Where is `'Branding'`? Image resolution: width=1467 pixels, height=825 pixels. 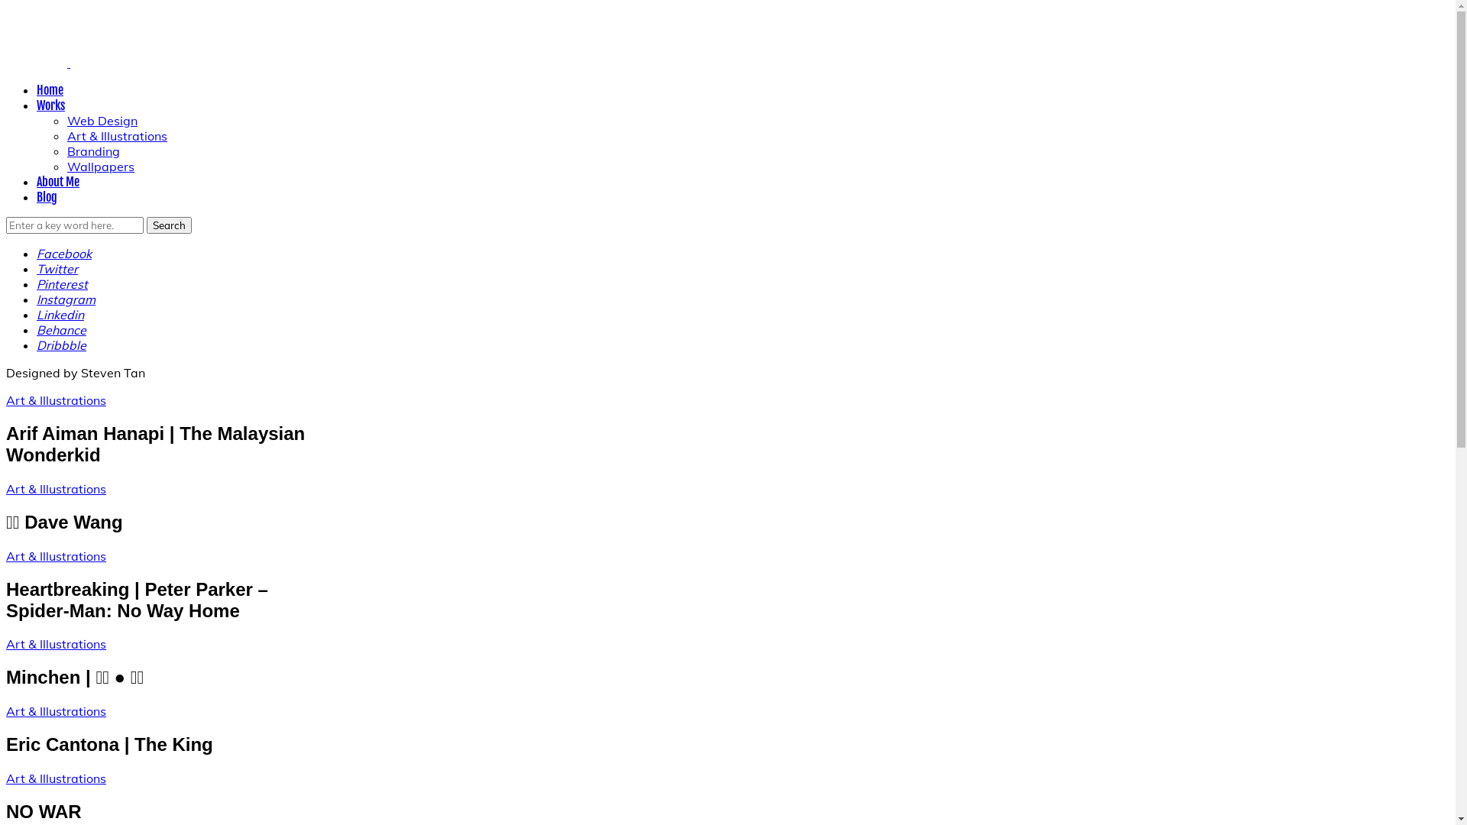
'Branding' is located at coordinates (92, 150).